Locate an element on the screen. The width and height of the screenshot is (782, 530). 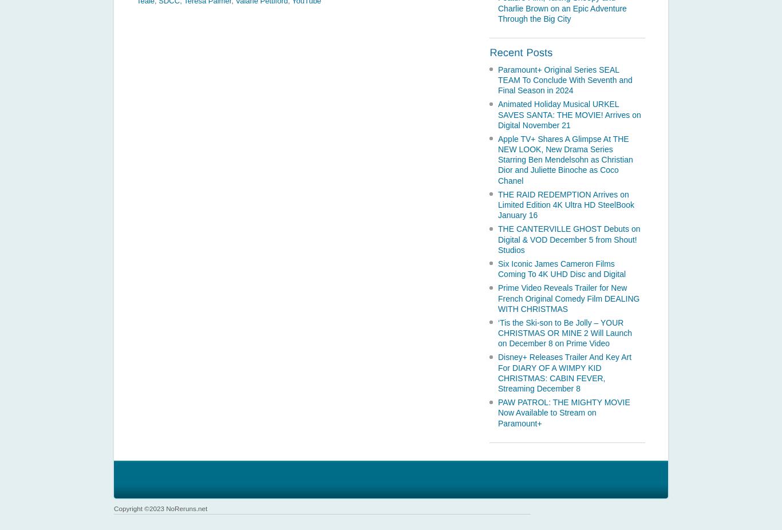
'PAW PATROL: THE MIGHTY MOVIE Now Available to Stream on Paramount+' is located at coordinates (564, 412).